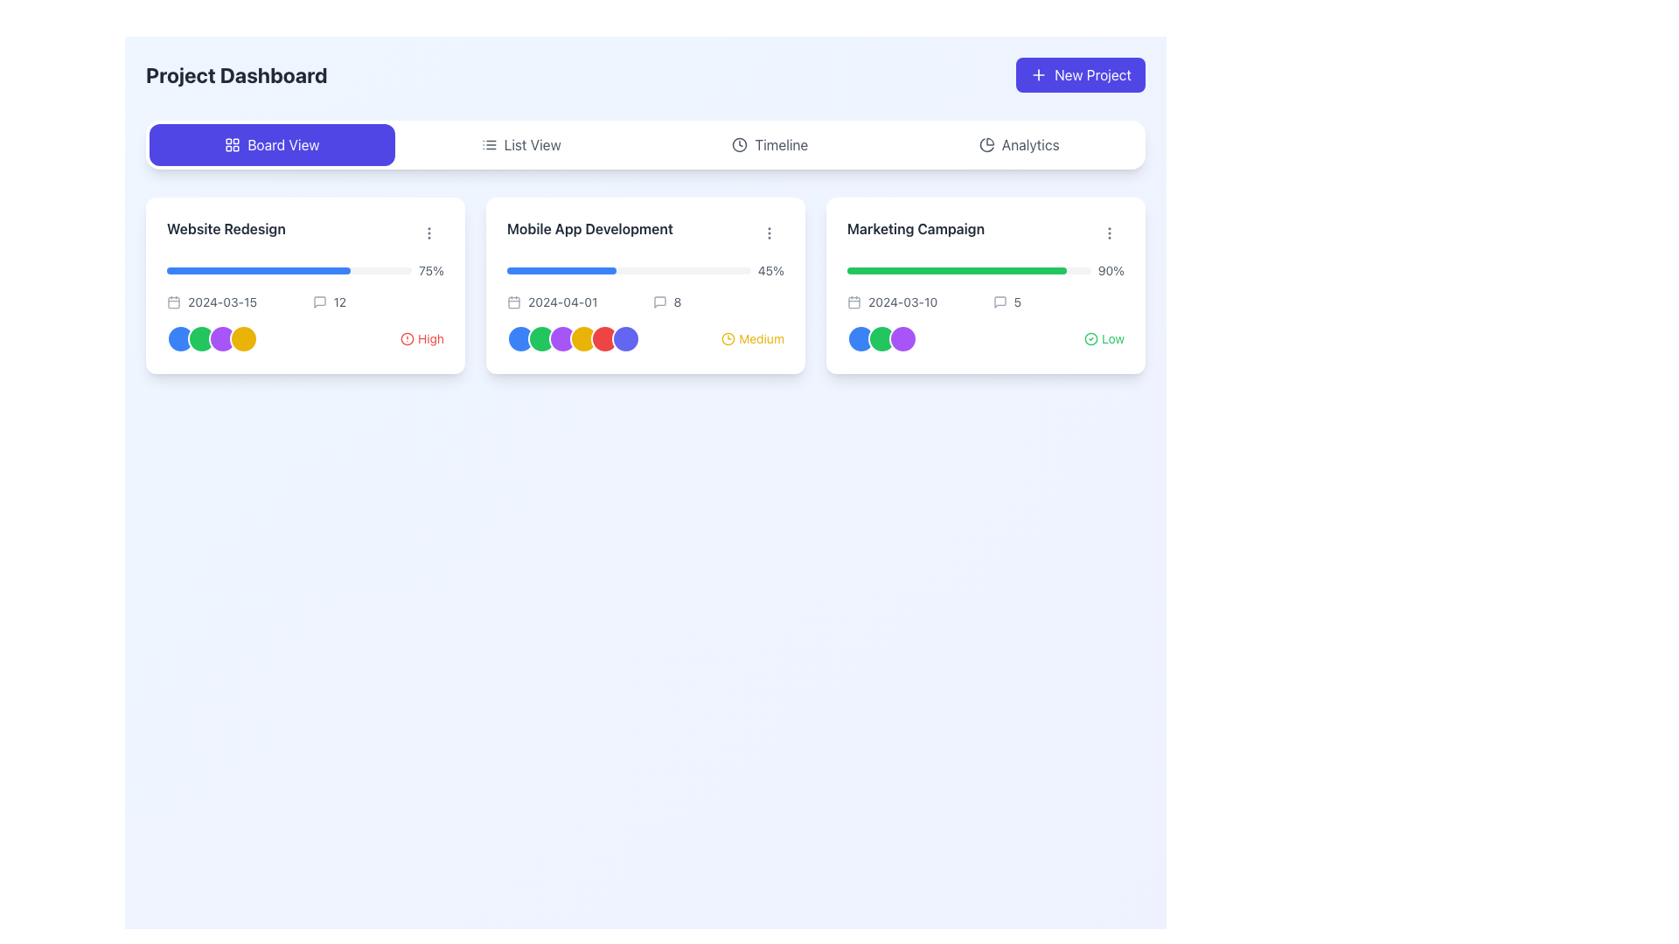 The image size is (1679, 944). Describe the element at coordinates (305, 285) in the screenshot. I see `the Card component that displays project information, including progress, due date, comments, and priority level, located in the first column of the grid layout` at that location.